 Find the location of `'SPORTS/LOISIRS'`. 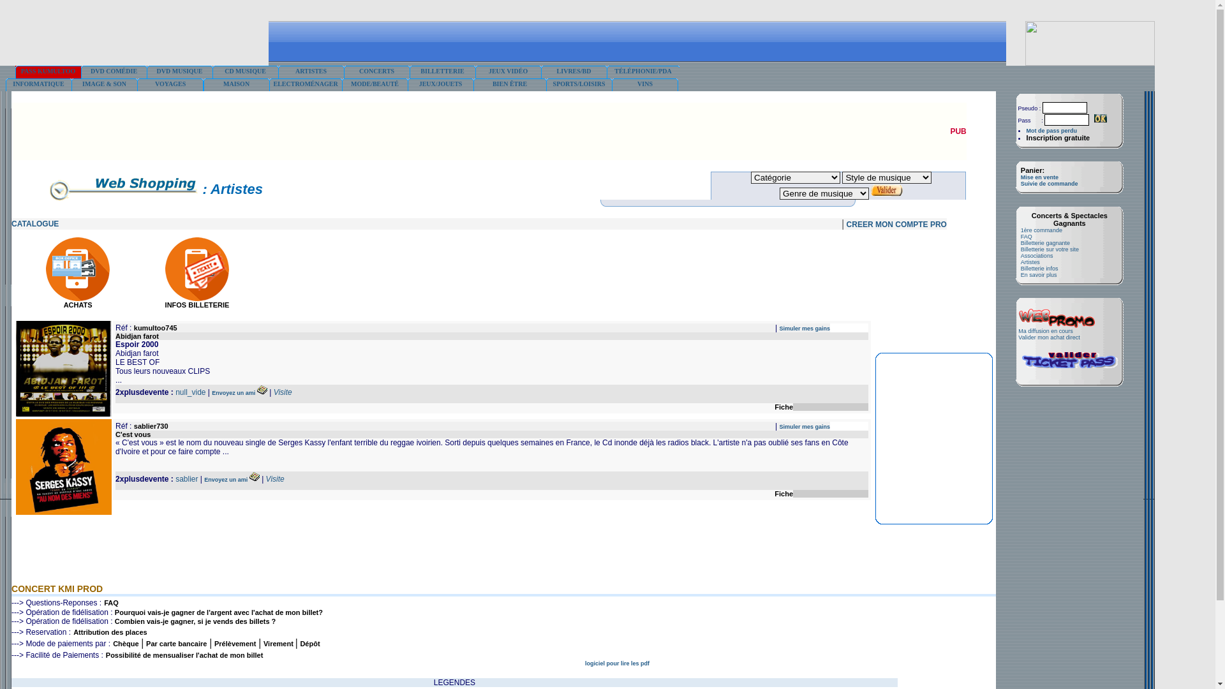

'SPORTS/LOISIRS' is located at coordinates (578, 84).